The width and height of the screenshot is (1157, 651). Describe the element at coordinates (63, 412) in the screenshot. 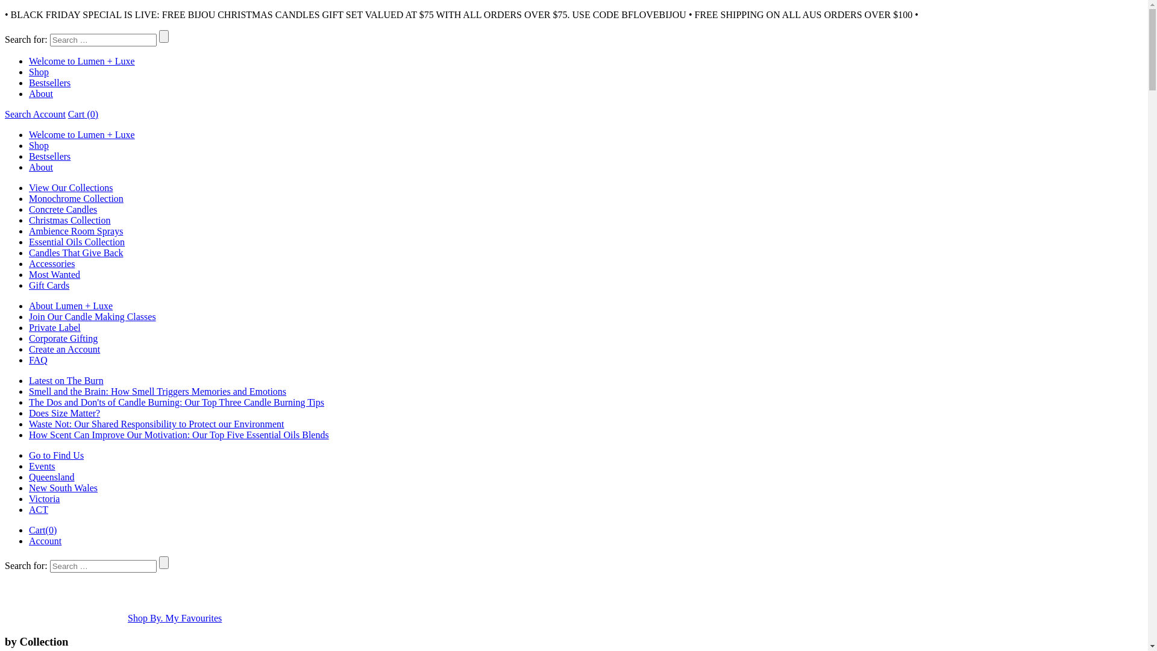

I see `'Does Size Matter?'` at that location.